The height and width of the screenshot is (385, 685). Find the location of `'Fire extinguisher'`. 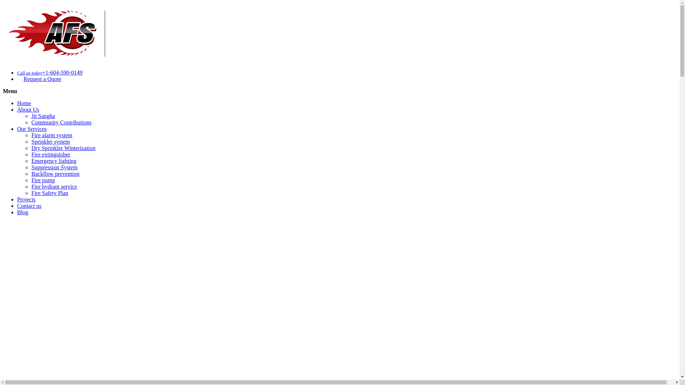

'Fire extinguisher' is located at coordinates (50, 154).